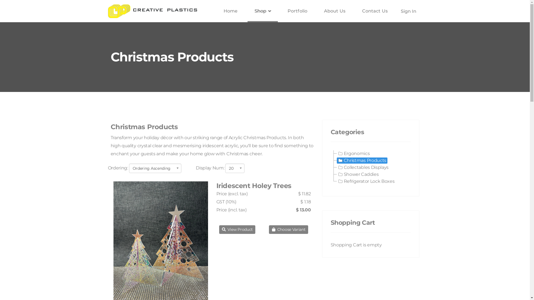  Describe the element at coordinates (334, 11) in the screenshot. I see `'About Us'` at that location.